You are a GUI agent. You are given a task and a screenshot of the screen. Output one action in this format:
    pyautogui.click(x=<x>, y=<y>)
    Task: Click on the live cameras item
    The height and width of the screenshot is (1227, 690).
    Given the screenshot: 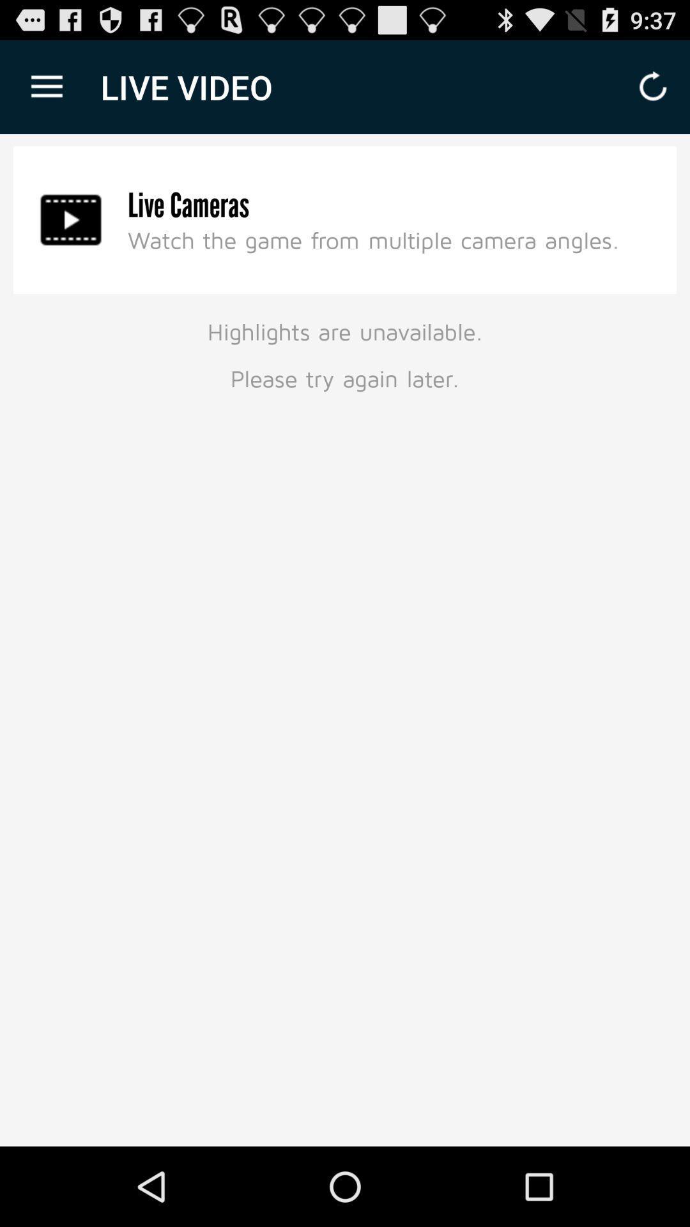 What is the action you would take?
    pyautogui.click(x=188, y=205)
    